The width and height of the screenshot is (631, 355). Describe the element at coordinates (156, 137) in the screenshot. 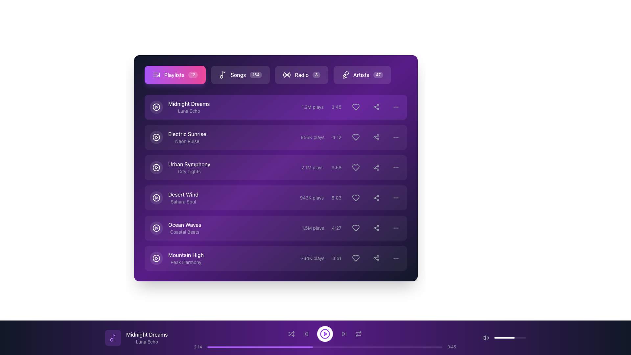

I see `the play button icon located in the 'Electric Sunrise' list item to initiate playback of the track` at that location.